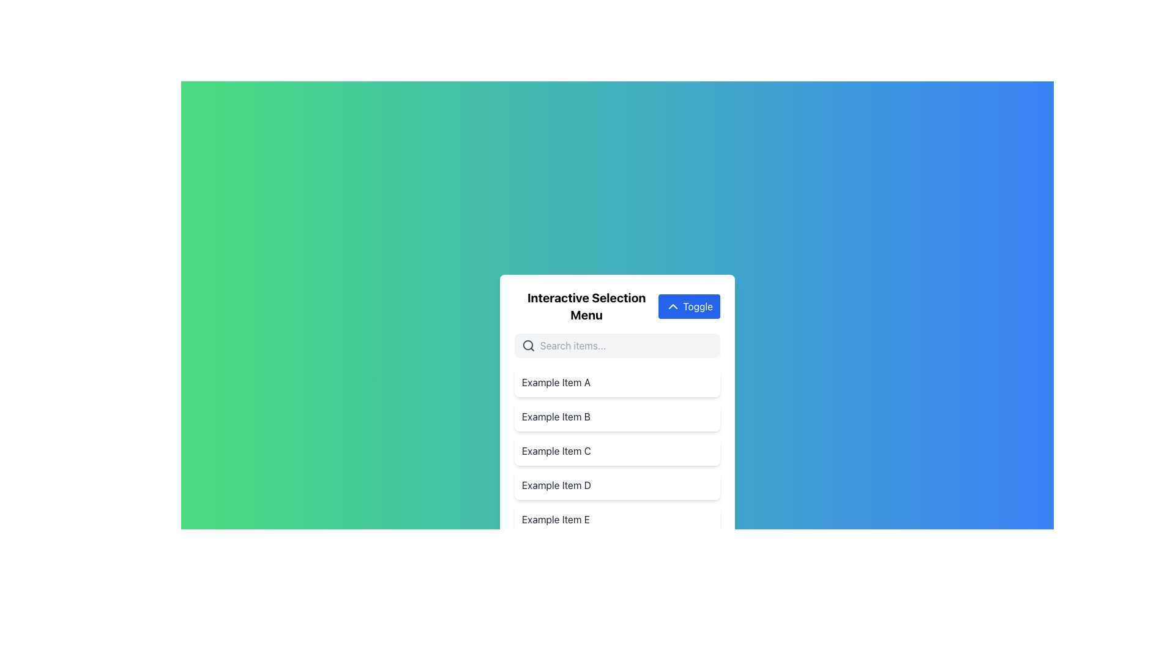  I want to click on the chevron up arrow icon within the 'Toggle' button, so click(673, 306).